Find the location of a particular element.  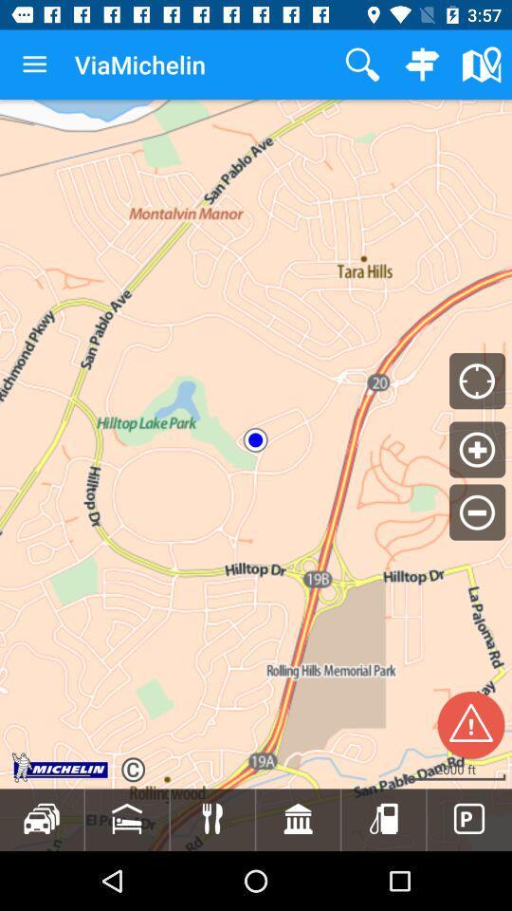

the minus icon is located at coordinates (476, 511).